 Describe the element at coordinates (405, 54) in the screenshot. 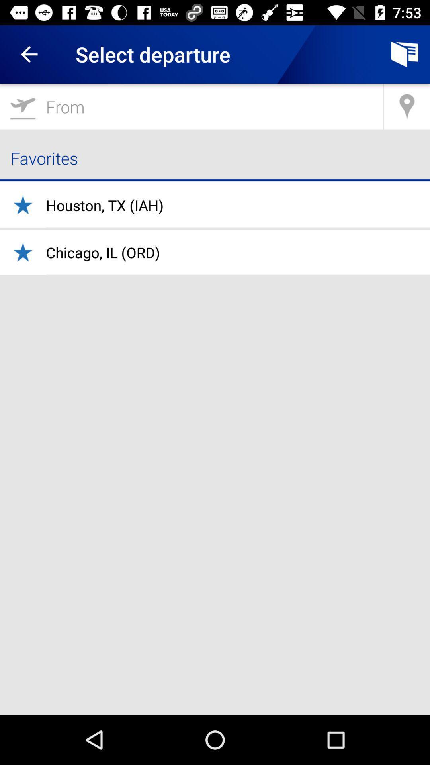

I see `the icon next to select departure item` at that location.